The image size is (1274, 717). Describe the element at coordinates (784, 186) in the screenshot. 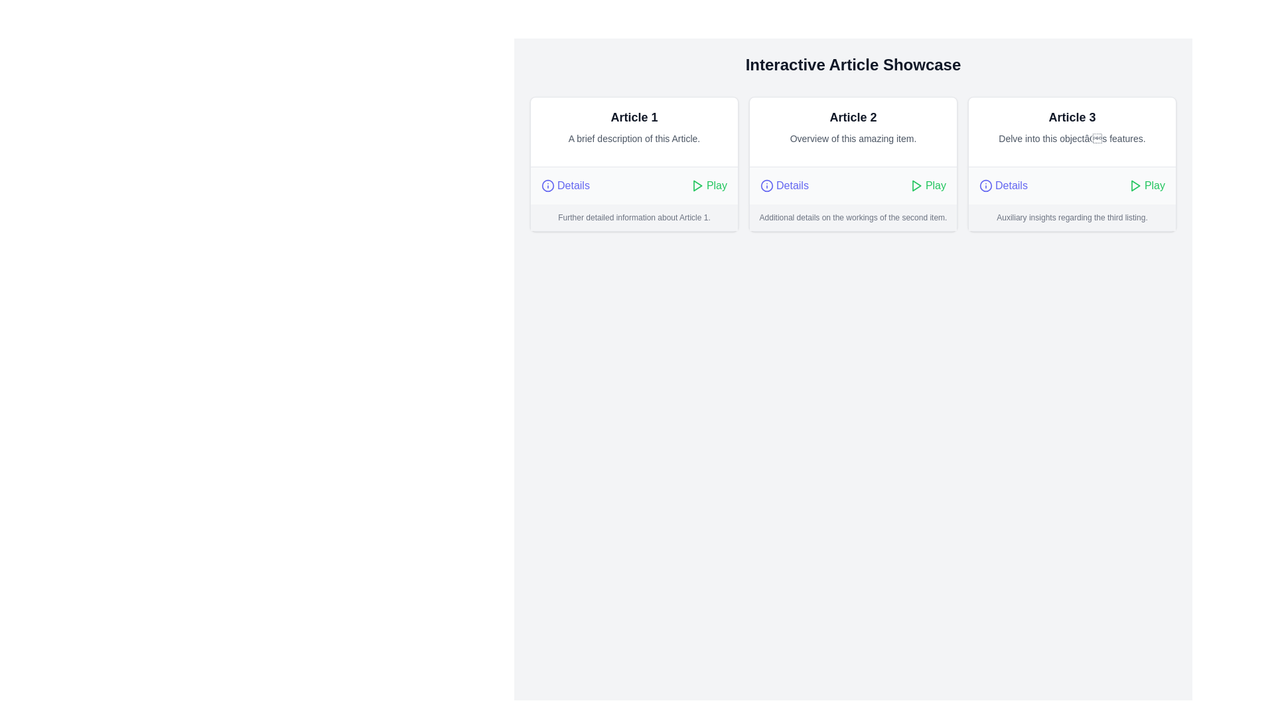

I see `the button or hyperlink located at the center of the 'Article 2' card's footer` at that location.